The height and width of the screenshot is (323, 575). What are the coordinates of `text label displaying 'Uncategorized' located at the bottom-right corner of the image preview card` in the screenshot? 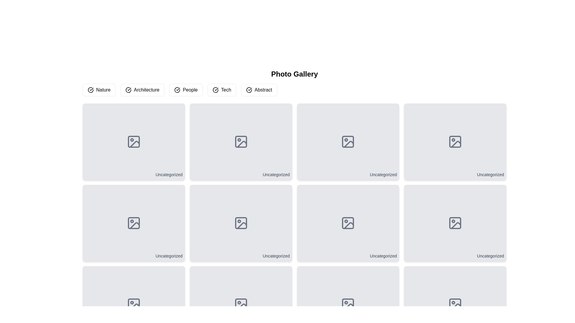 It's located at (383, 256).